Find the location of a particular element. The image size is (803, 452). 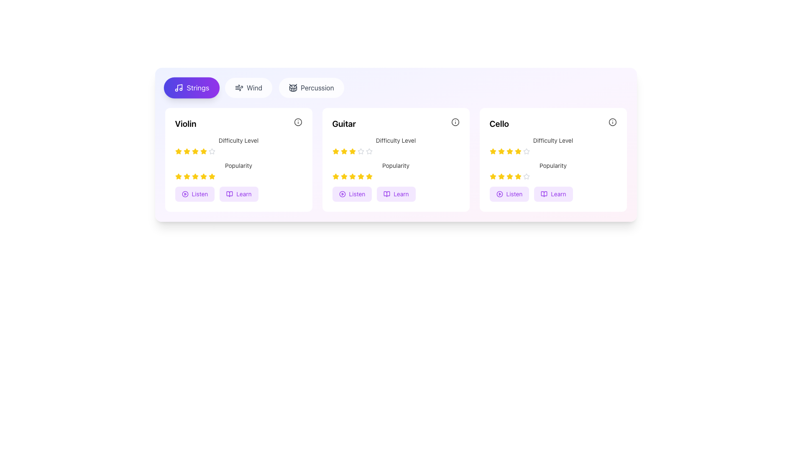

the 'Learn' button, which is represented by an icon, located at the bottom of the first card in a row of musical instrument cards is located at coordinates (230, 194).